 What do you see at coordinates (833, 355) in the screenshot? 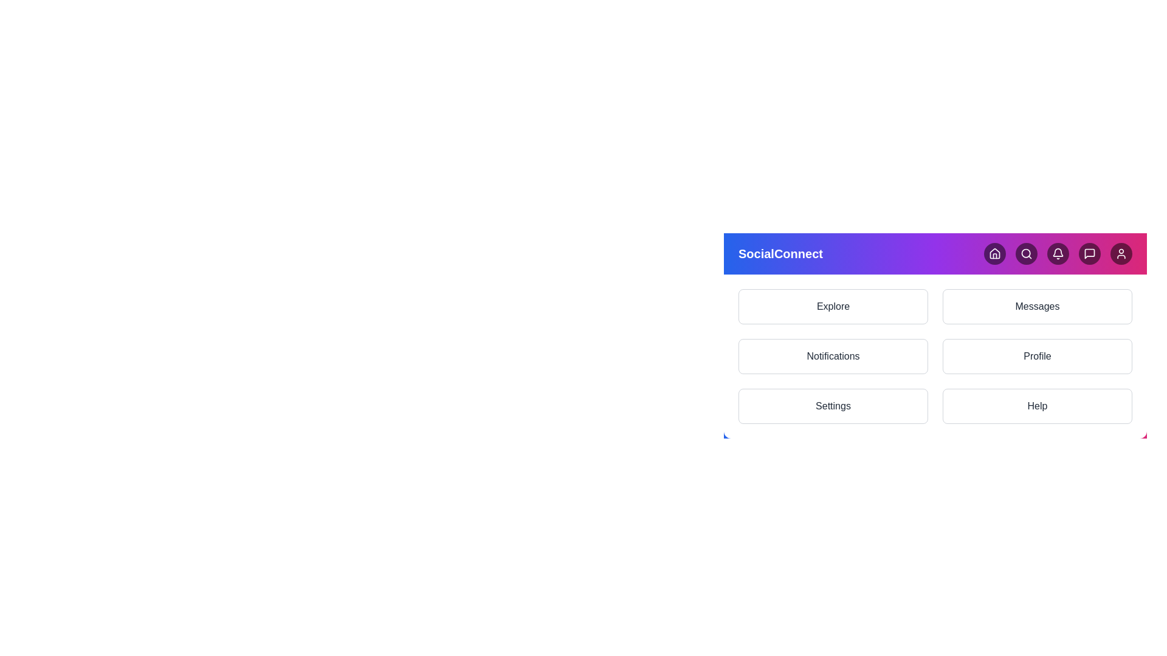
I see `the navigation option labeled Notifications` at bounding box center [833, 355].